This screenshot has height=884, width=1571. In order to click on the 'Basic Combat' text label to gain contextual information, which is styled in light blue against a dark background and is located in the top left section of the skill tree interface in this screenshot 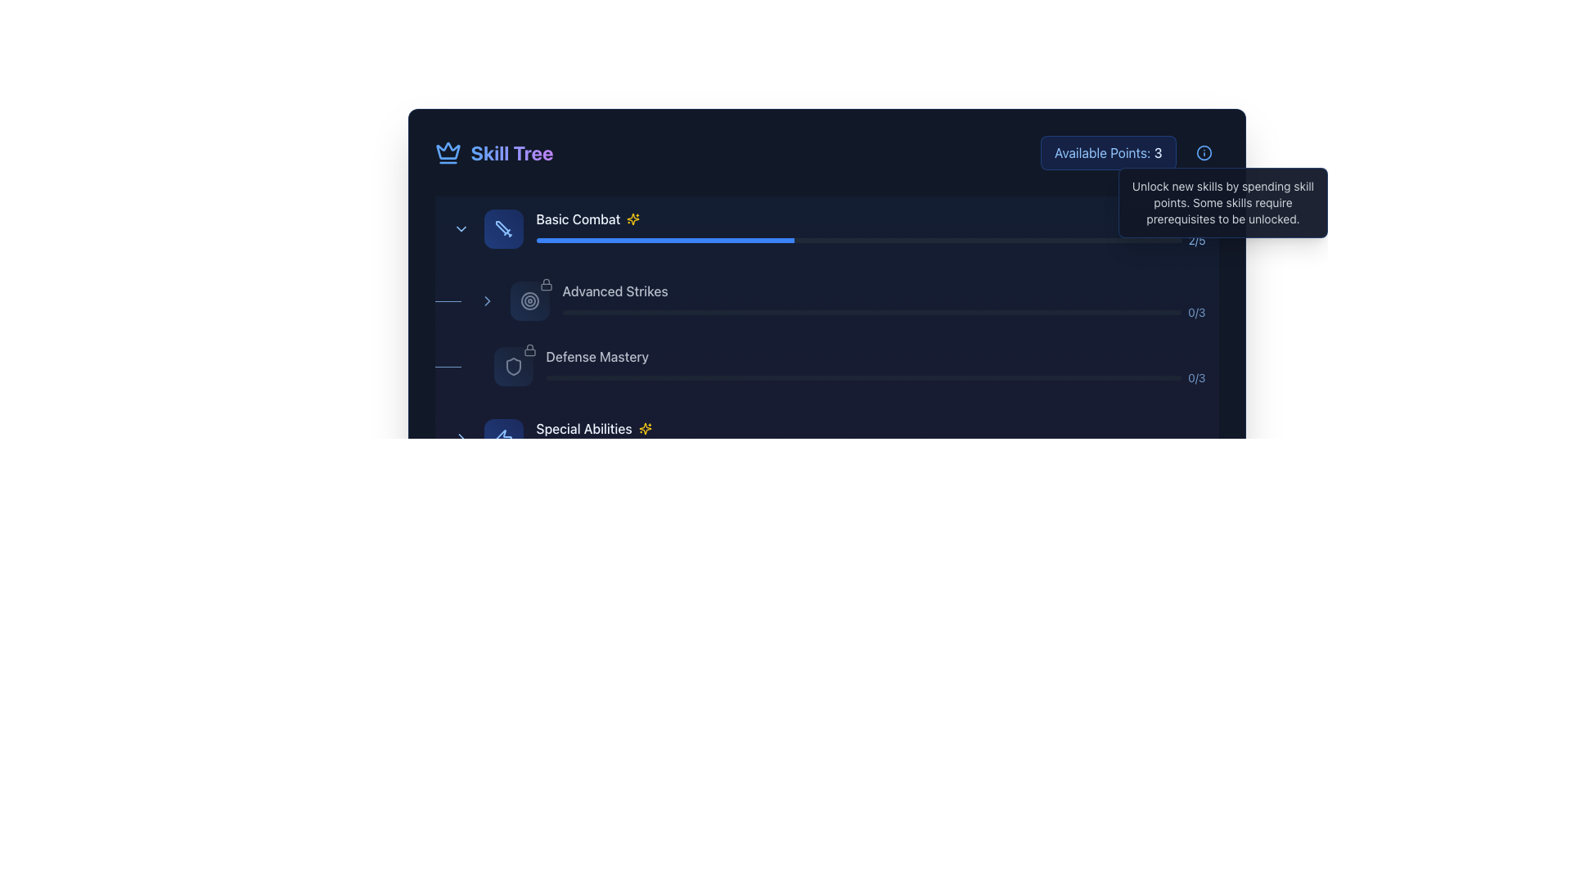, I will do `click(578, 218)`.